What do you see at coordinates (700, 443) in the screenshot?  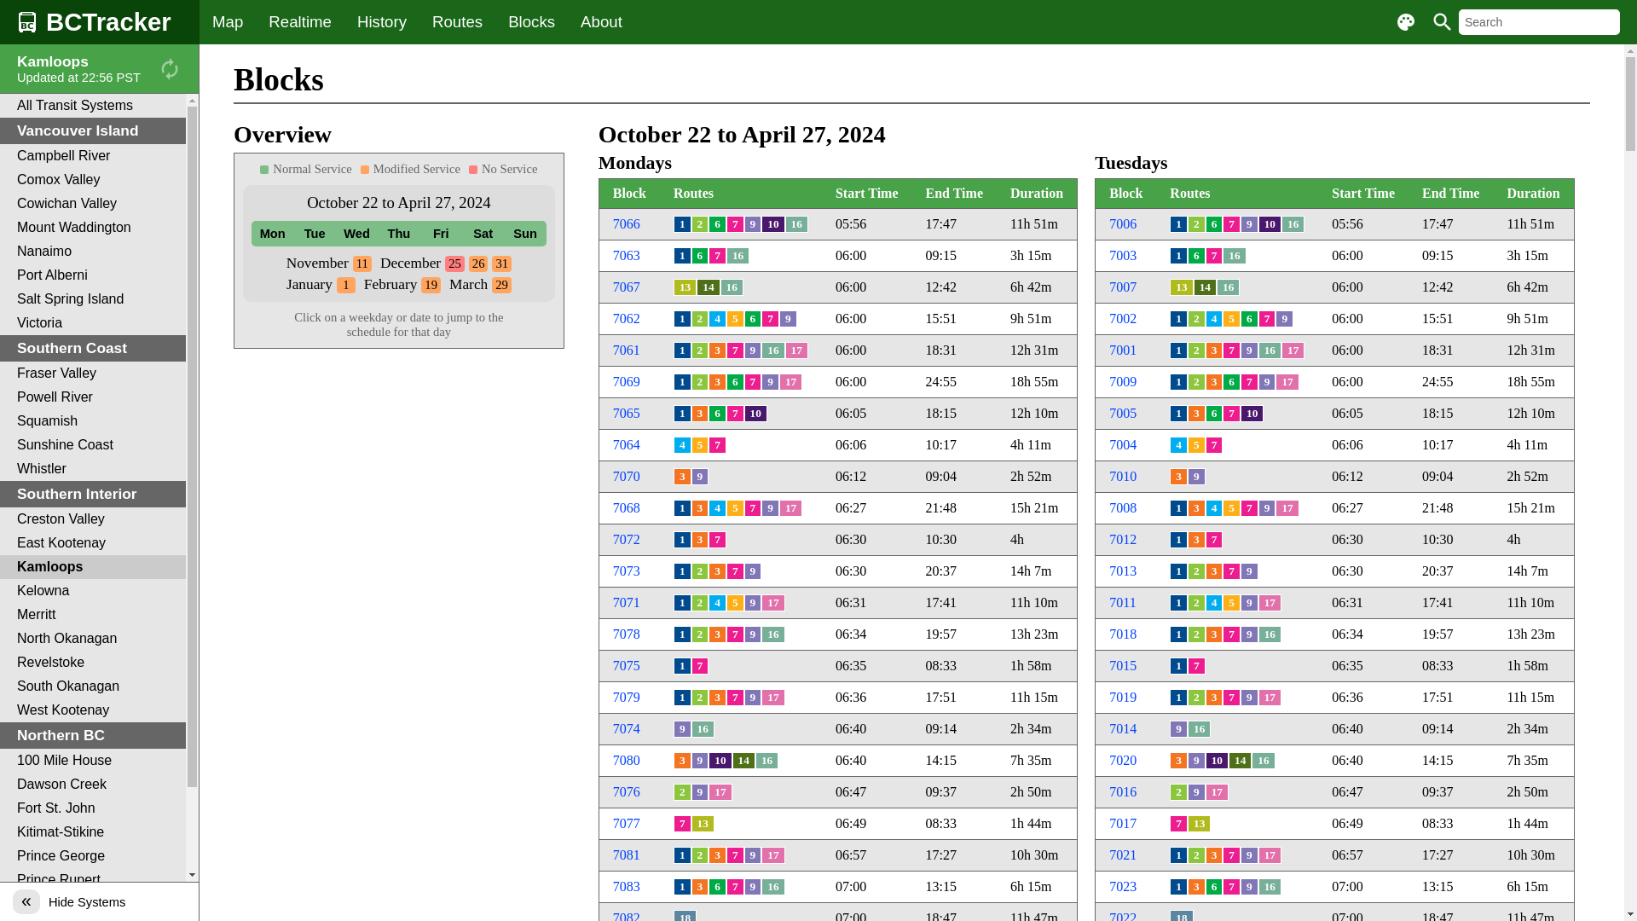 I see `'5'` at bounding box center [700, 443].